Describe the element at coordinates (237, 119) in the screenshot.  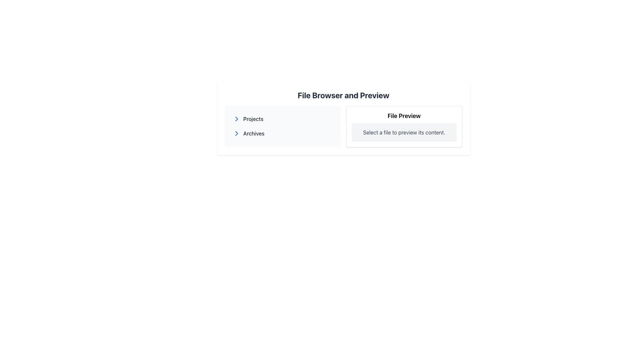
I see `the expandable icon located` at that location.